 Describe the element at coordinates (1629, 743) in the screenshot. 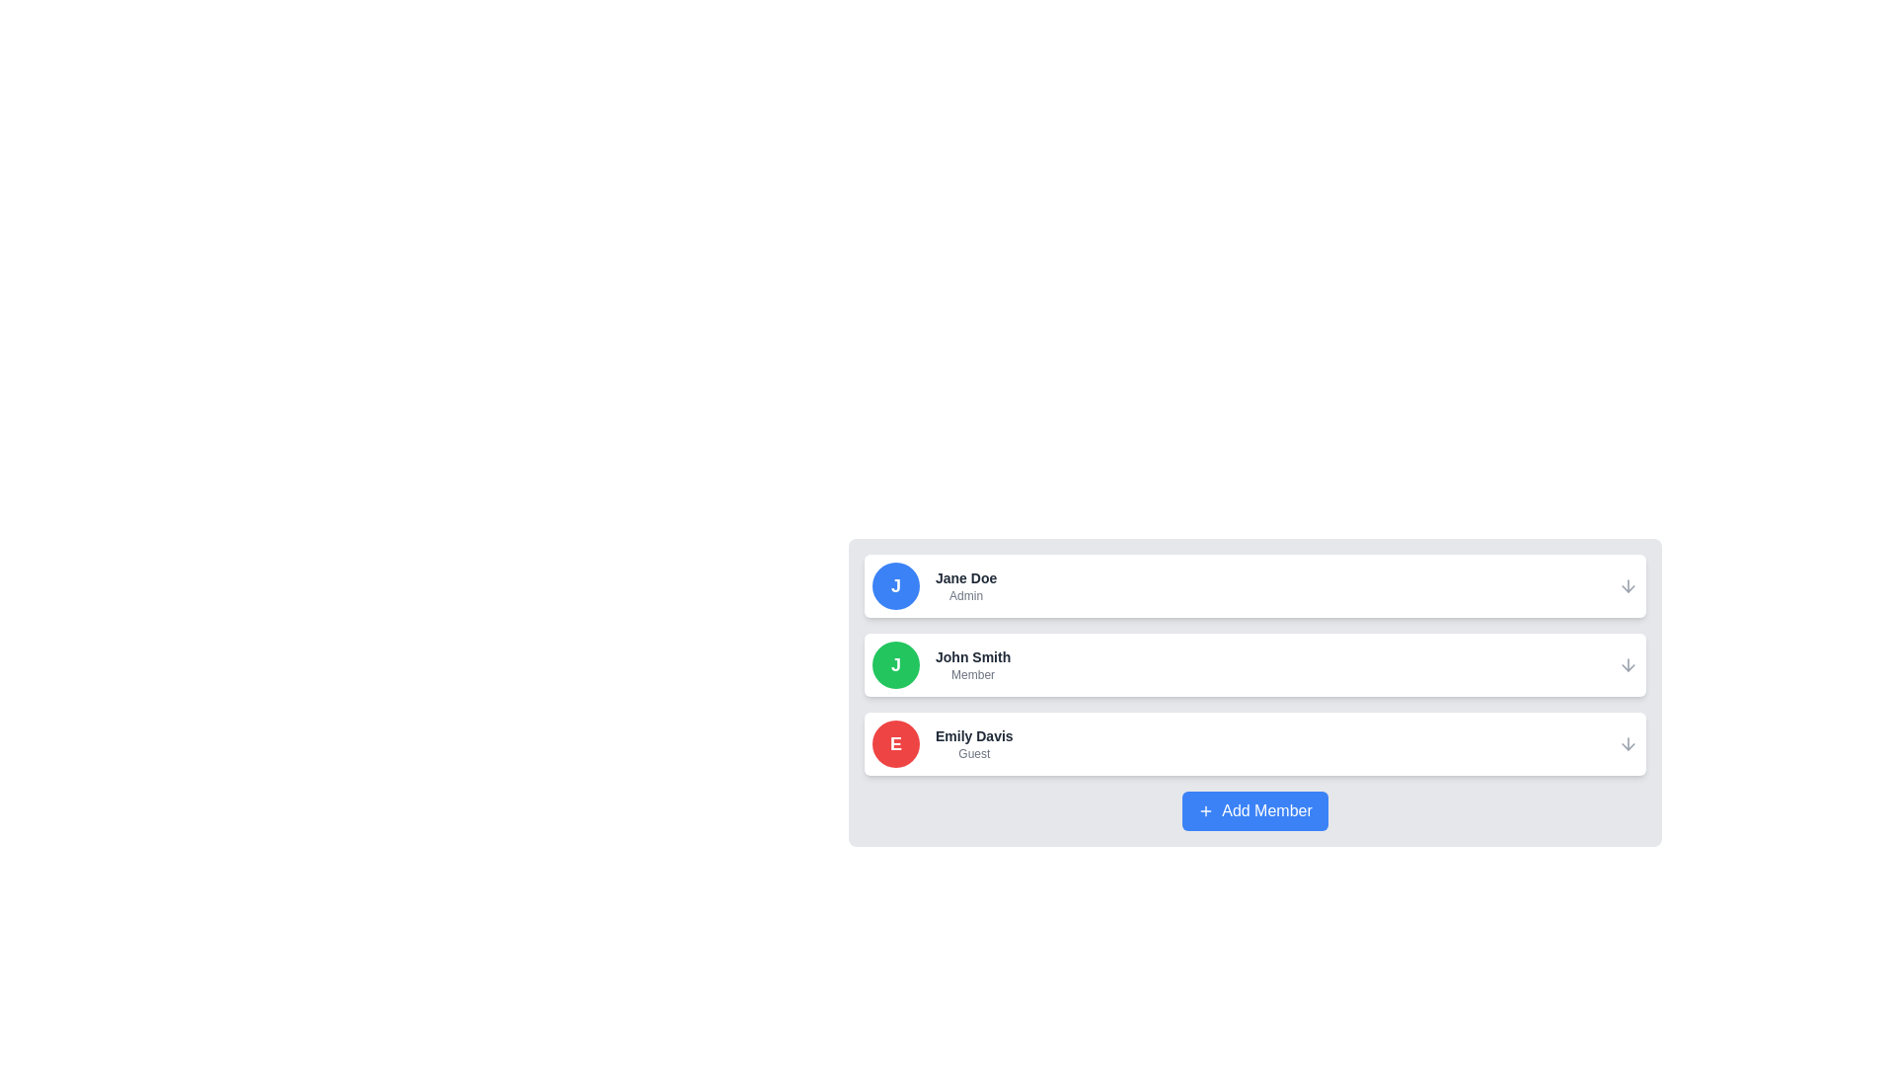

I see `the Dropdown trigger icon located on the far-right side of the Emily Davis member entry` at that location.